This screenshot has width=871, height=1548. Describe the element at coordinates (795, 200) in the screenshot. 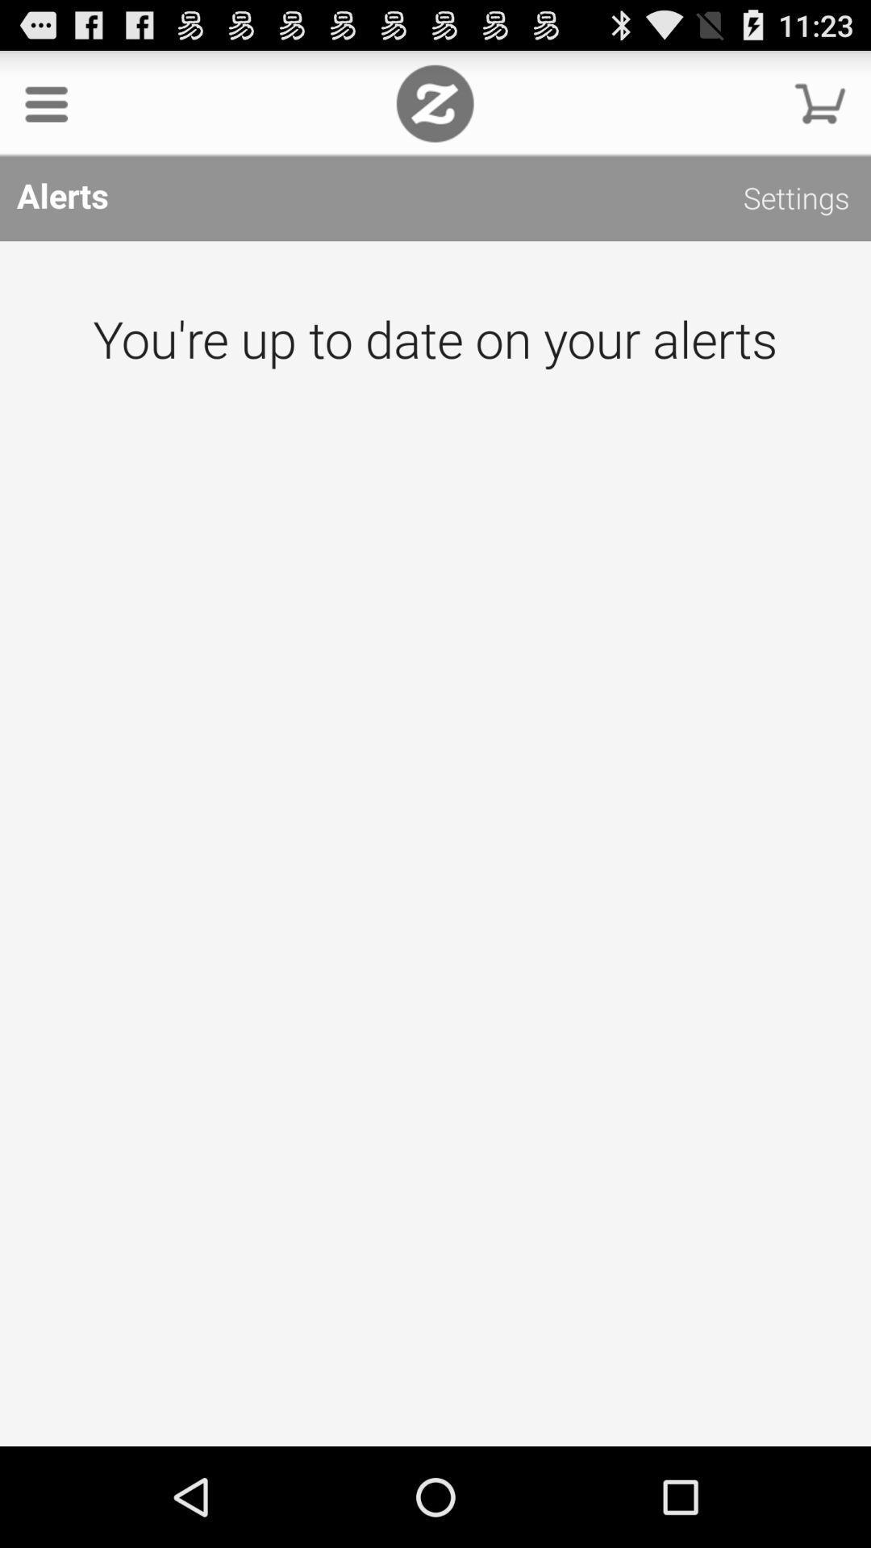

I see `settings` at that location.